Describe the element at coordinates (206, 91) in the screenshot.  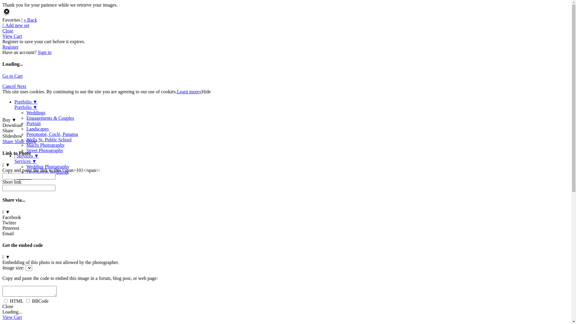
I see `'Hide'` at that location.